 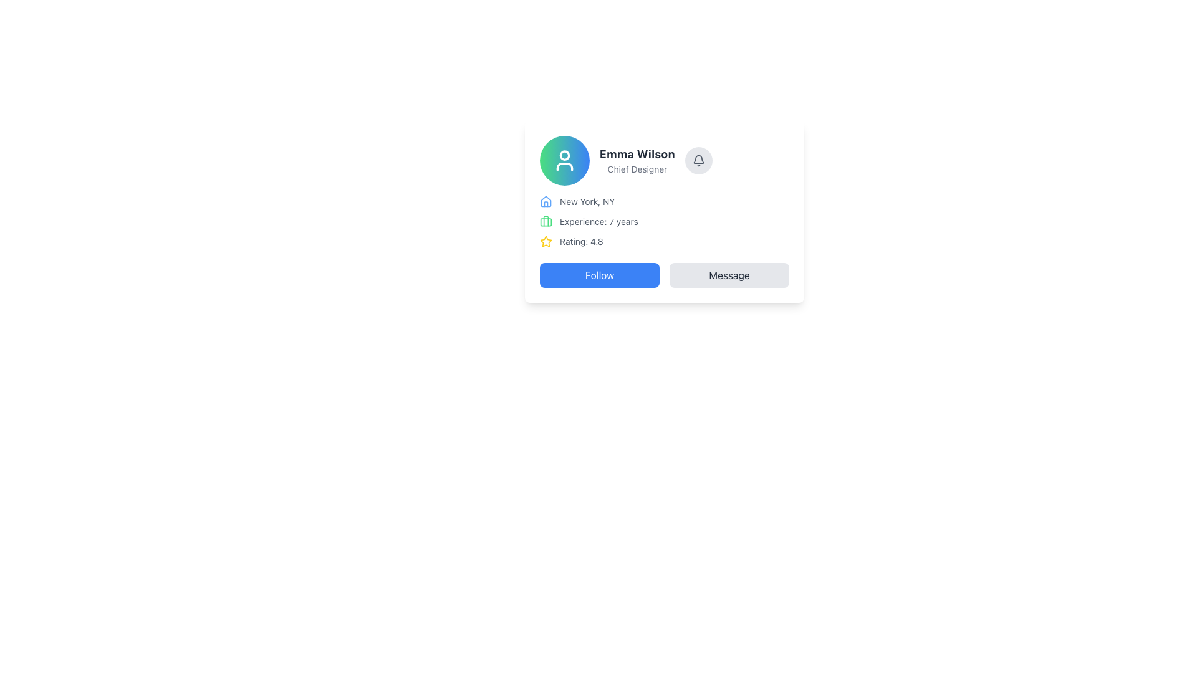 I want to click on the text displayed in the Text Label, which identifies the individual in the card-like interface, located at the top-left section next to the circular icon, so click(x=637, y=153).